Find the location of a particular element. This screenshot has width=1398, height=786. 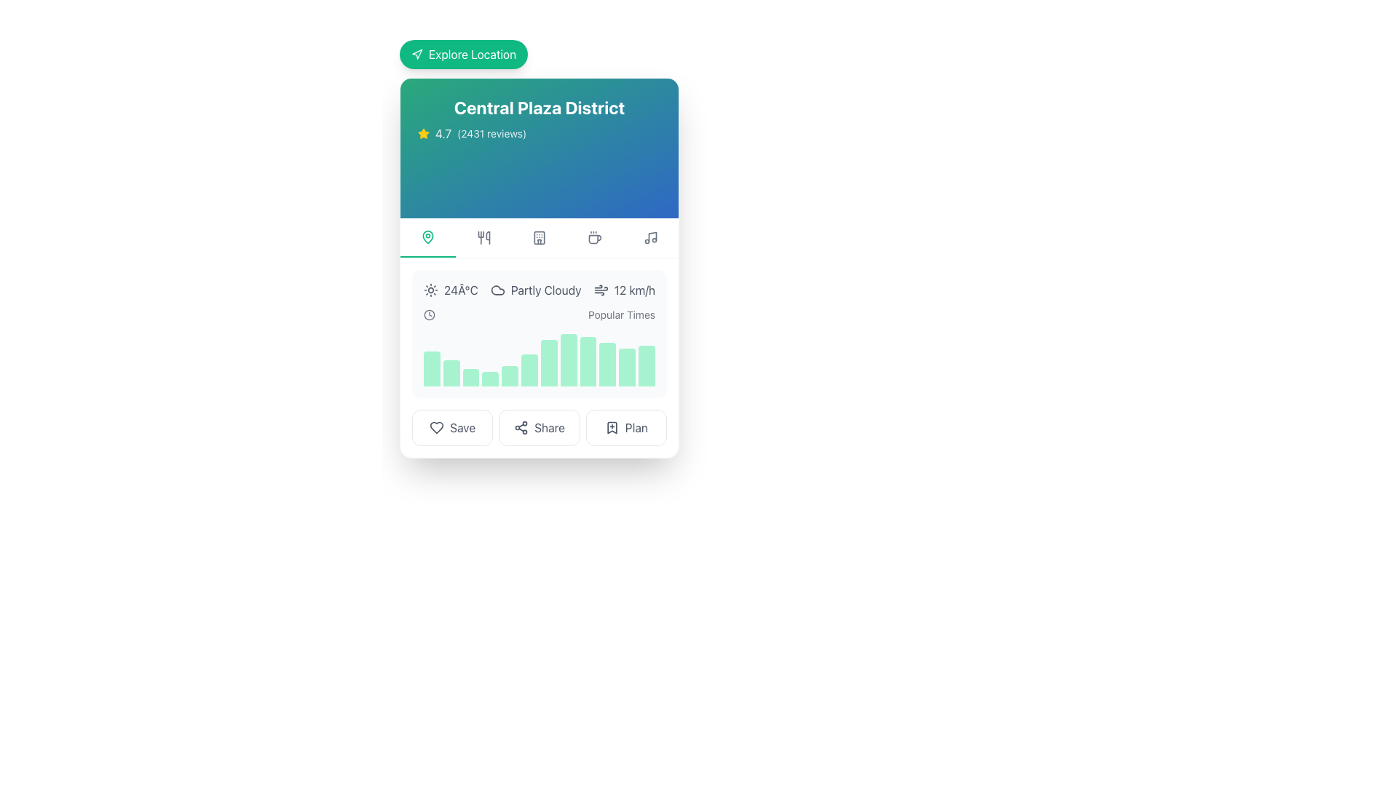

the 'Explore Location' text label within the green button to initiate action is located at coordinates (473, 53).